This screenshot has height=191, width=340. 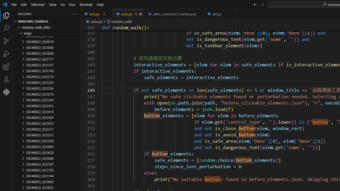 What do you see at coordinates (128, 14) in the screenshot?
I see `'auto.py'` at bounding box center [128, 14].